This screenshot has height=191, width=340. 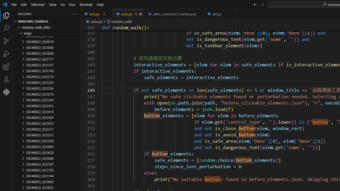 What do you see at coordinates (128, 14) in the screenshot?
I see `'auto.py'` at bounding box center [128, 14].